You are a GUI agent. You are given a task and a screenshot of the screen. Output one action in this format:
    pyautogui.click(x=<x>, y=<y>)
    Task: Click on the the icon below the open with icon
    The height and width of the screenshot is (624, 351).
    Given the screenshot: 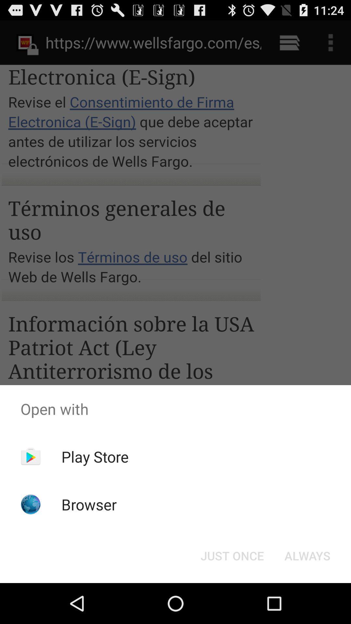 What is the action you would take?
    pyautogui.click(x=232, y=555)
    